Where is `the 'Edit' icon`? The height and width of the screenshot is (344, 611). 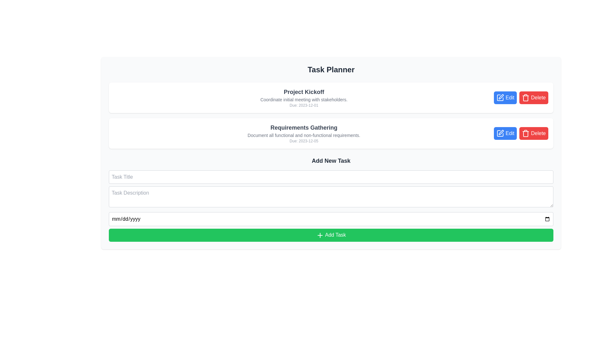
the 'Edit' icon is located at coordinates (500, 98).